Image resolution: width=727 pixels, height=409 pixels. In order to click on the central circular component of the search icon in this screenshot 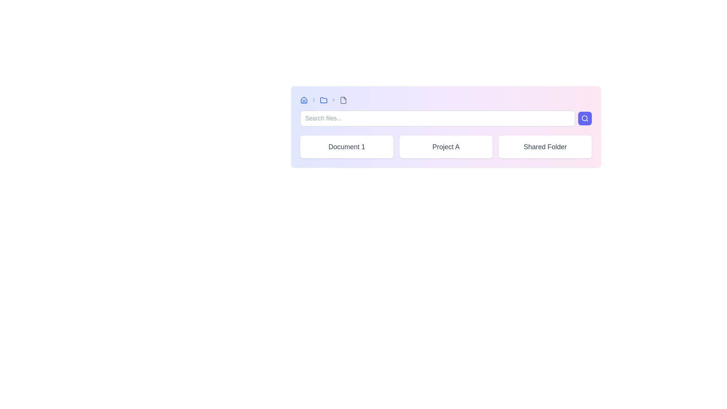, I will do `click(584, 118)`.